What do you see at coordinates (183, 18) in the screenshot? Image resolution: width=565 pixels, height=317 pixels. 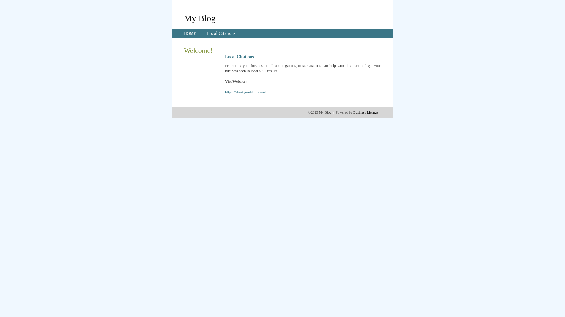 I see `'My Blog'` at bounding box center [183, 18].